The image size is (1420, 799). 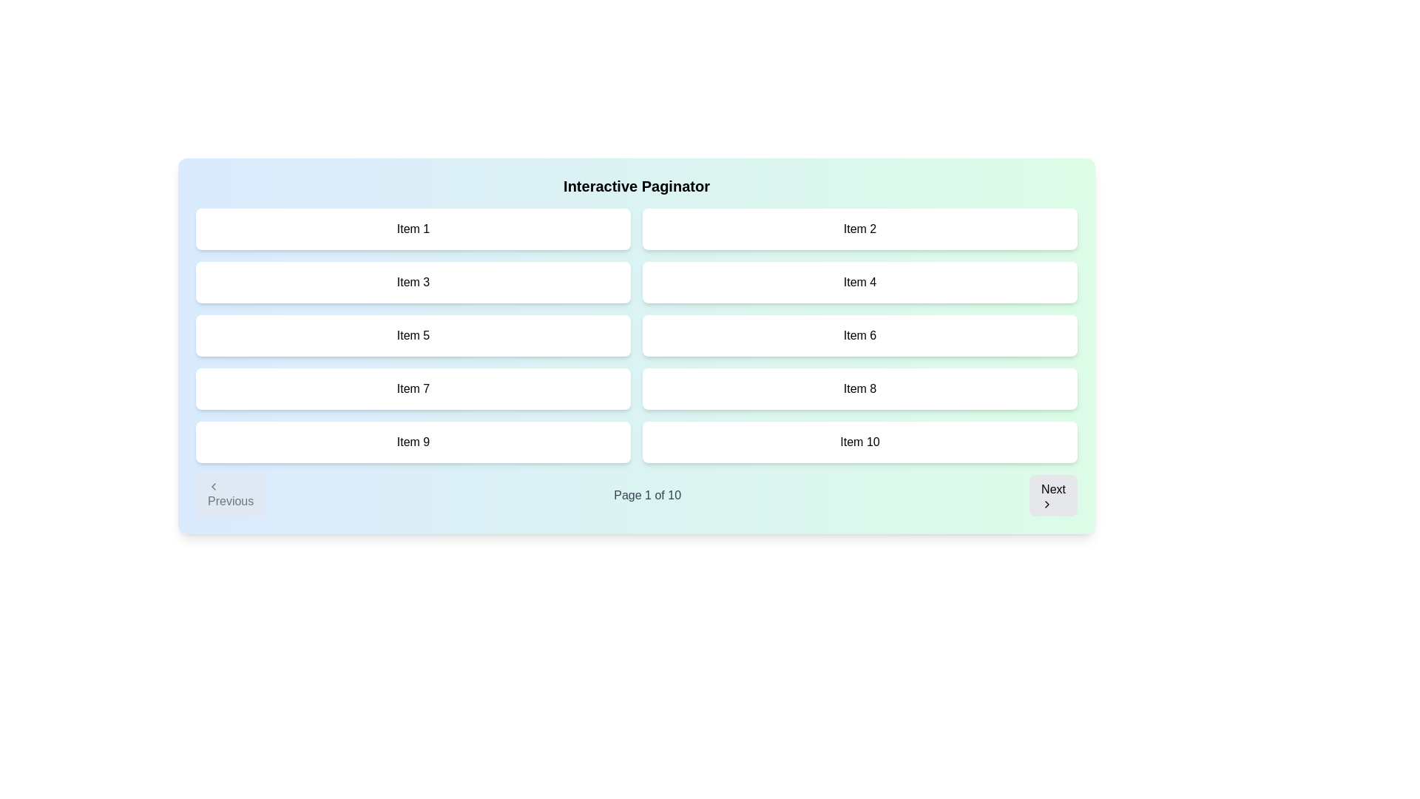 I want to click on the Display box containing the text 'Item 8', which is a rectangular box with rounded corners located in the fourth row and second column of the grid layout, so click(x=859, y=388).